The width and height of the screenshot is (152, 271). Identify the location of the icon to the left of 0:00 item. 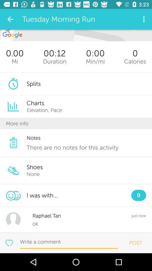
(55, 61).